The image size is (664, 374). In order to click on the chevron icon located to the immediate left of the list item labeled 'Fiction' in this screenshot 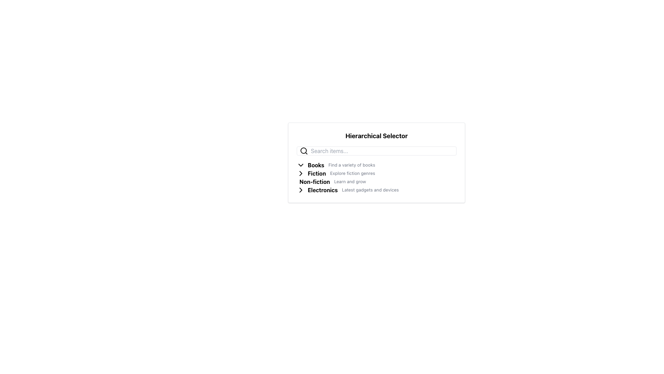, I will do `click(301, 173)`.